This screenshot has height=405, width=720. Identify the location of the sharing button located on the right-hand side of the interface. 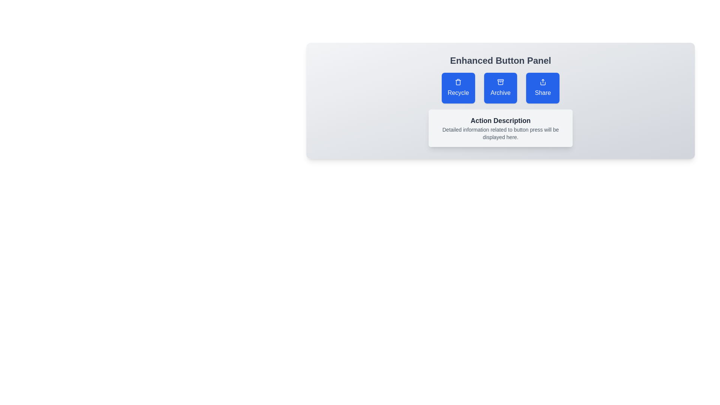
(543, 88).